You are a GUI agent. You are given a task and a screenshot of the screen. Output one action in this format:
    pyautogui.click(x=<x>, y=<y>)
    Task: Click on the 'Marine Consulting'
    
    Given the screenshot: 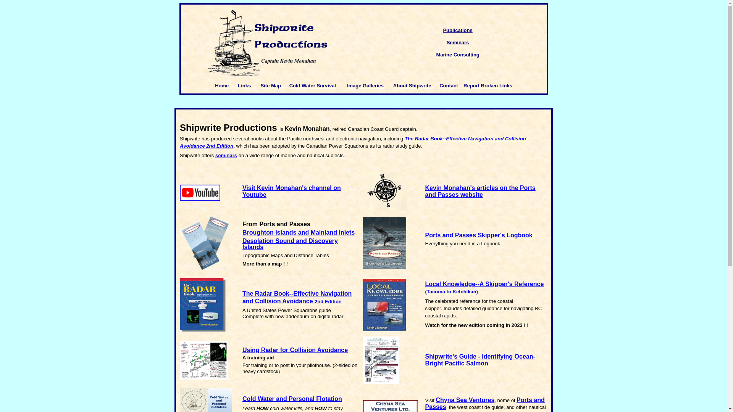 What is the action you would take?
    pyautogui.click(x=457, y=54)
    